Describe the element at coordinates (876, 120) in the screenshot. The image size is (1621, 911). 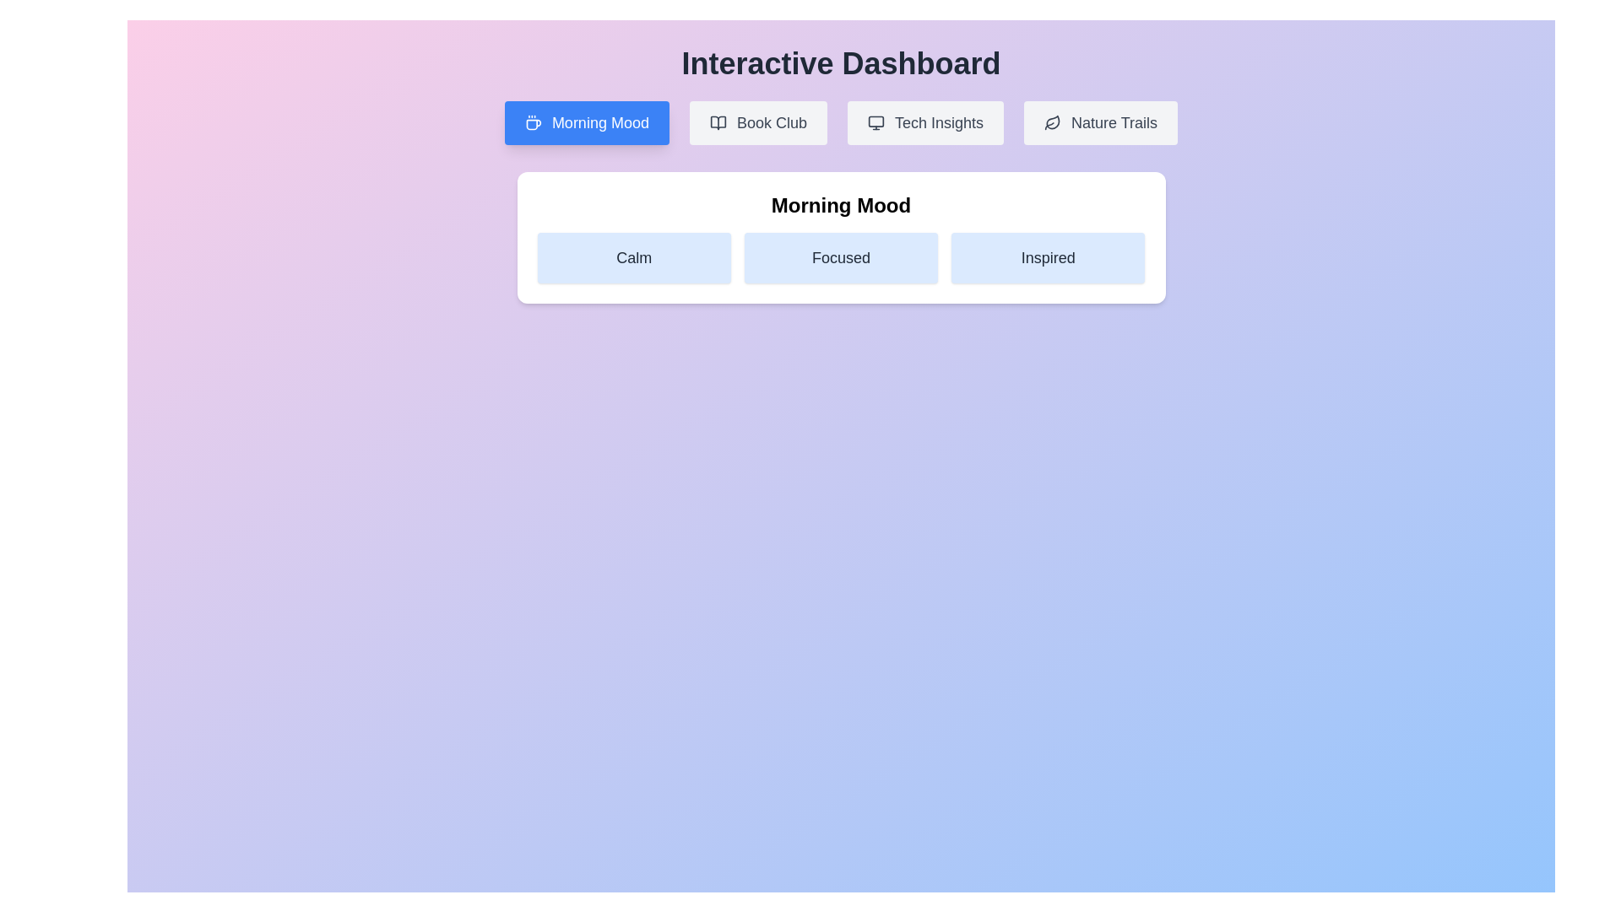
I see `the SVG rectangle representing the body of the monitor in the 'Tech Insights' icon located in the top navigation bar` at that location.